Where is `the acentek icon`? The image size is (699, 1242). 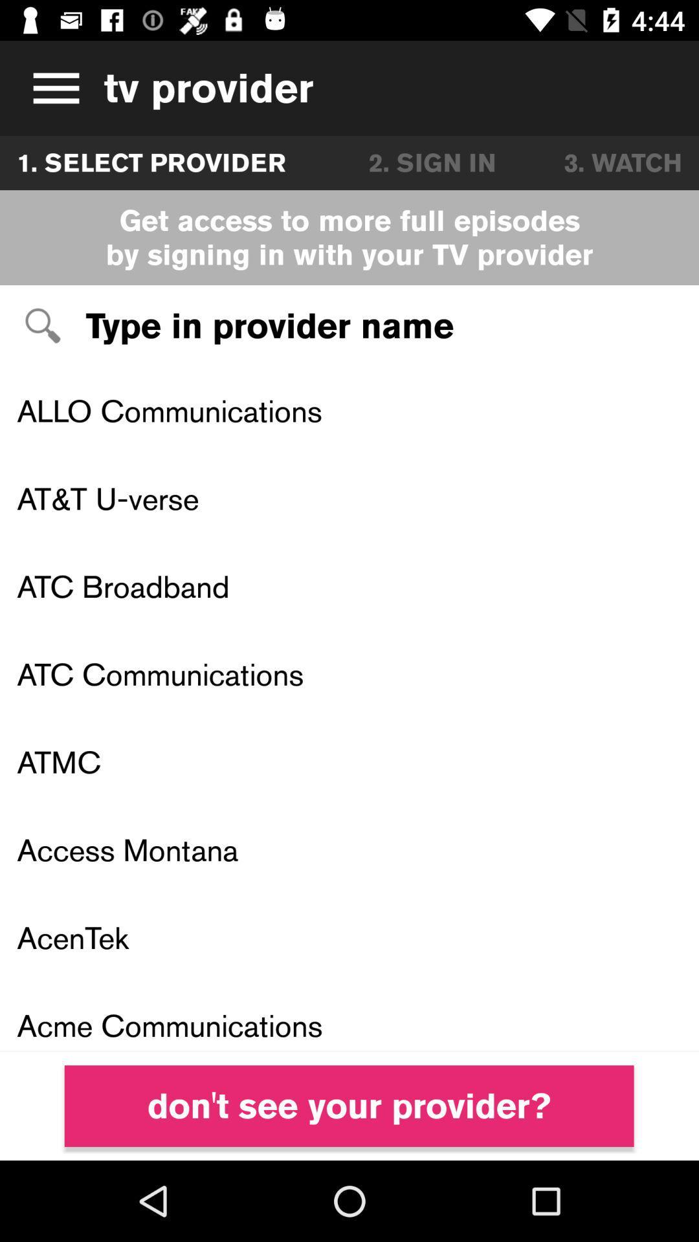 the acentek icon is located at coordinates (349, 937).